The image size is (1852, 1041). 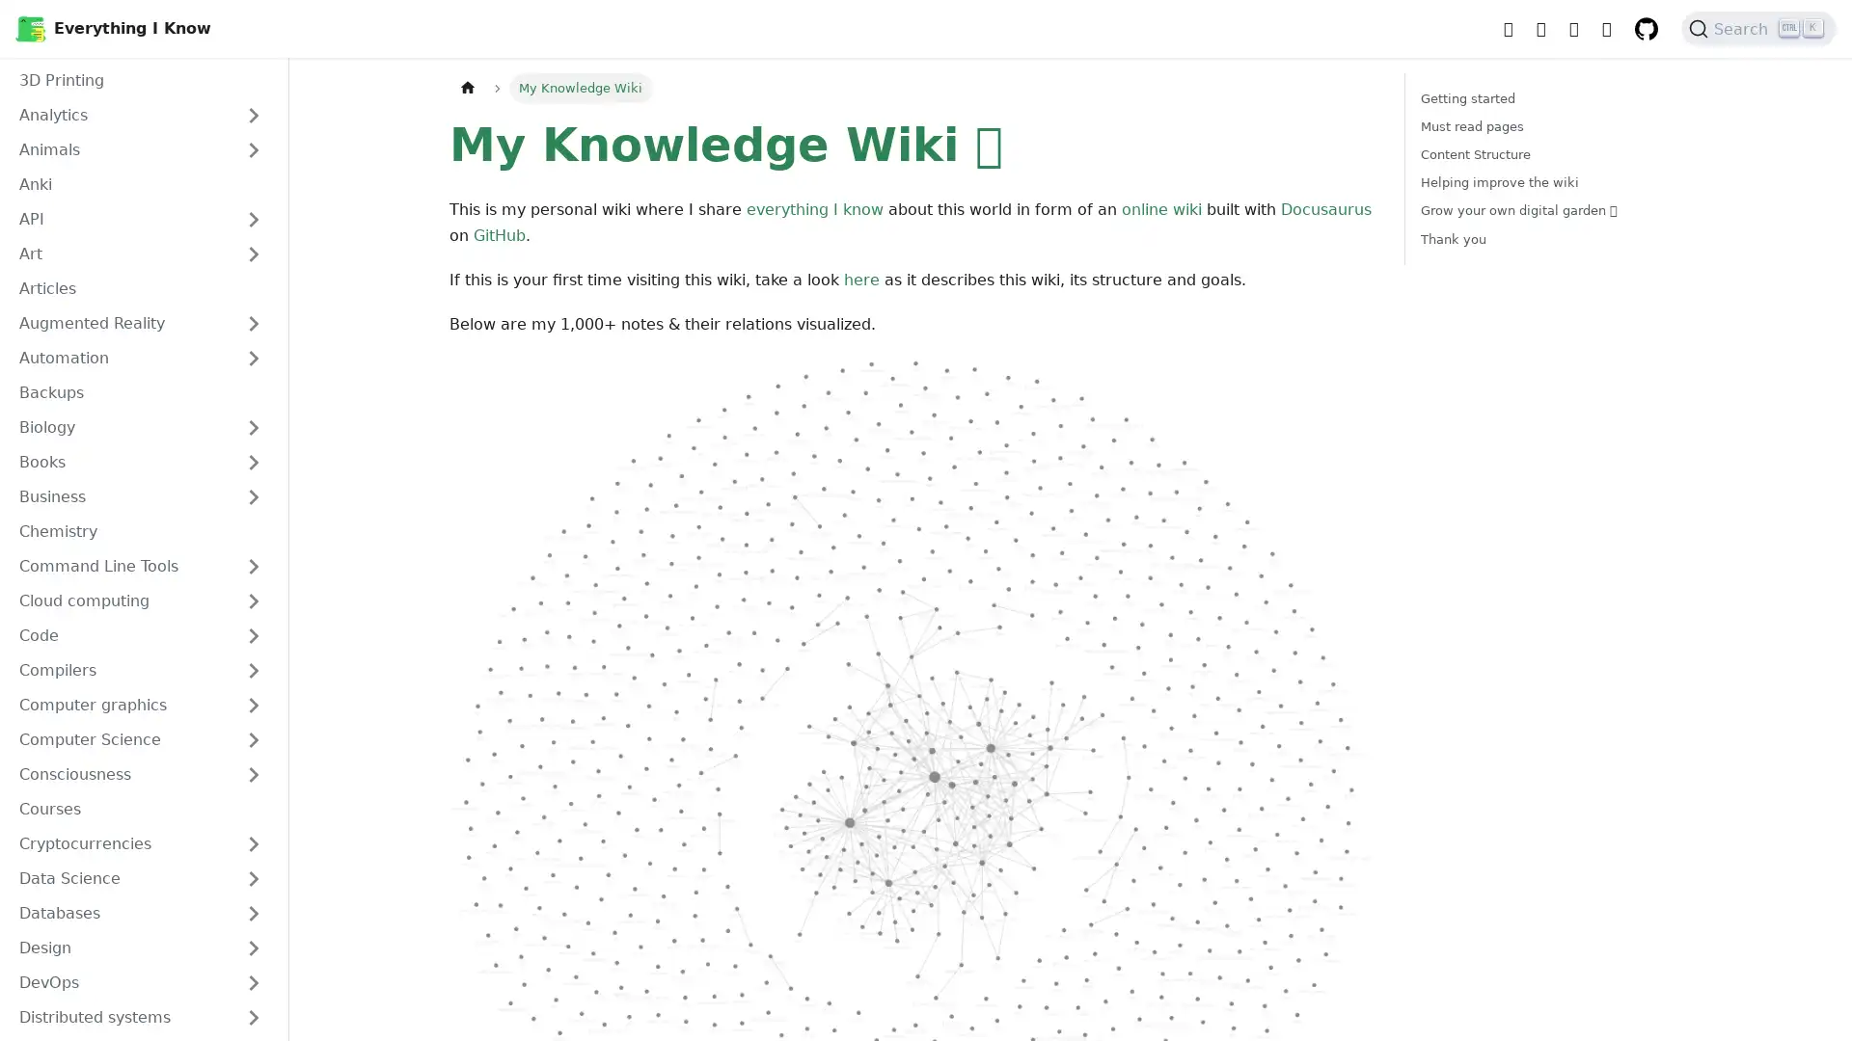 I want to click on Toggle the collapsible sidebar category 'Books', so click(x=253, y=462).